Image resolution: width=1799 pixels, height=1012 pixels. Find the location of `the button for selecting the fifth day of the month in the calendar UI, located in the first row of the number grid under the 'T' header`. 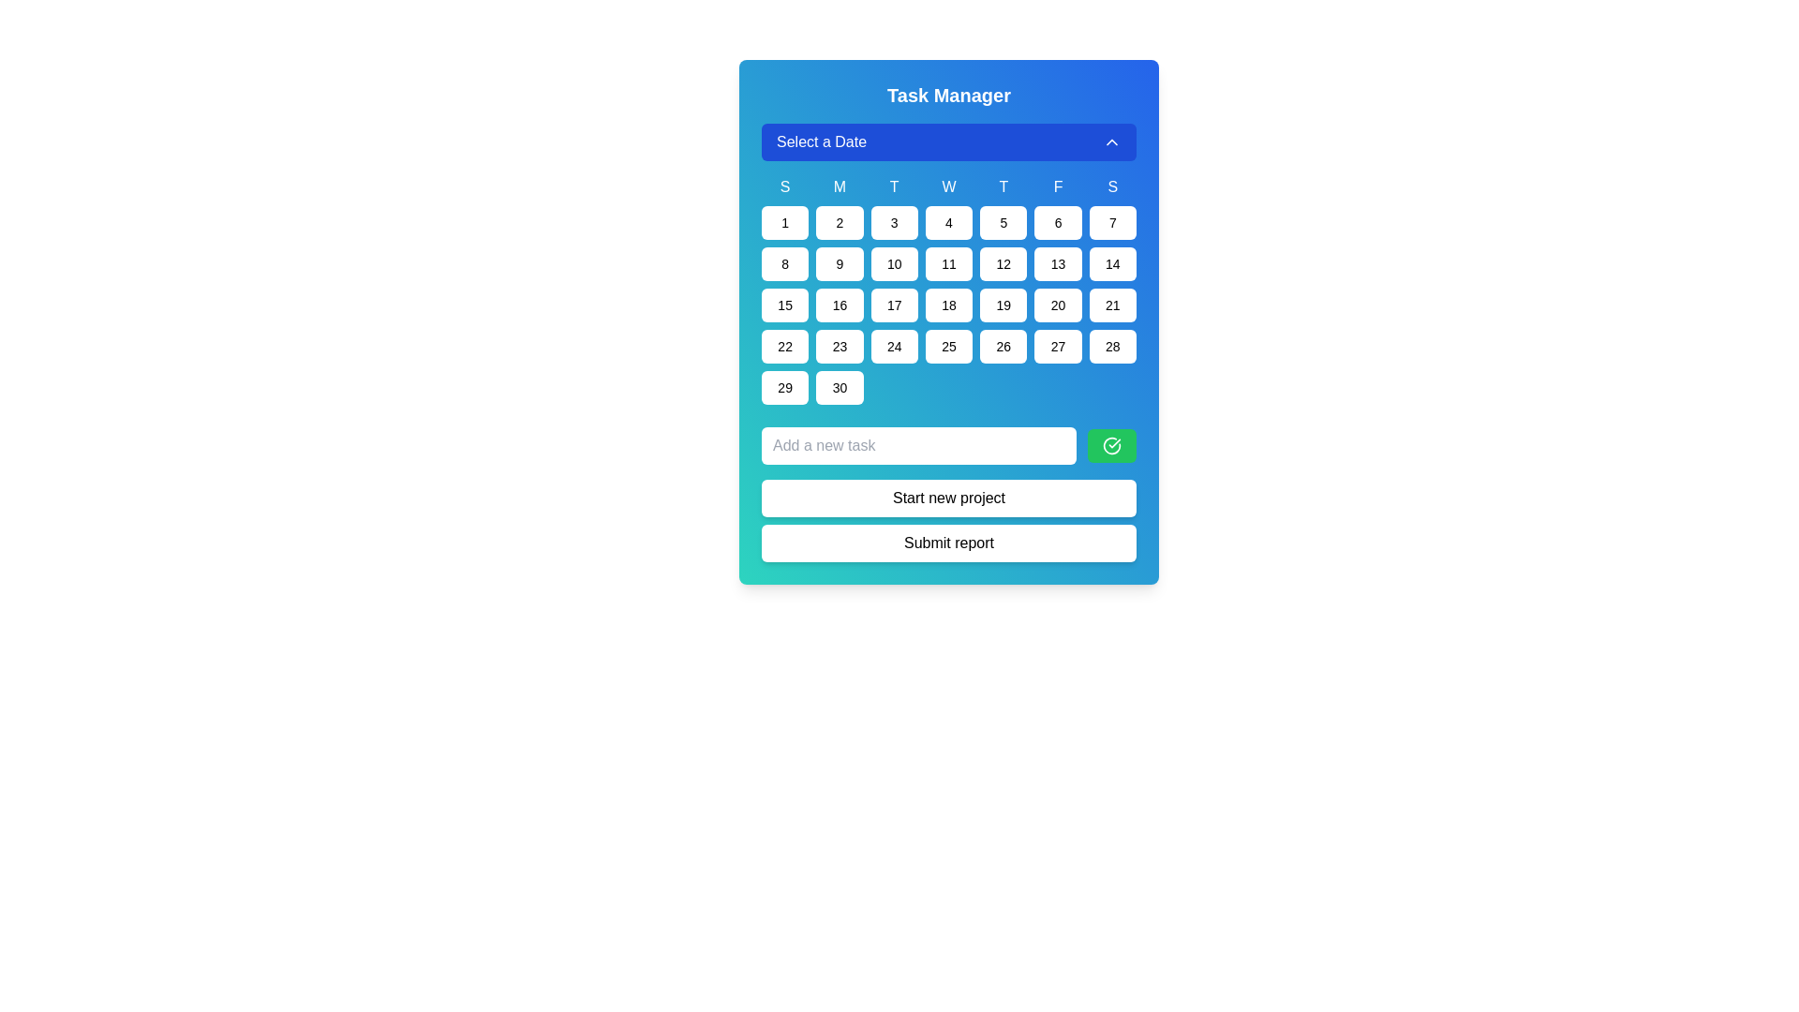

the button for selecting the fifth day of the month in the calendar UI, located in the first row of the number grid under the 'T' header is located at coordinates (1003, 222).